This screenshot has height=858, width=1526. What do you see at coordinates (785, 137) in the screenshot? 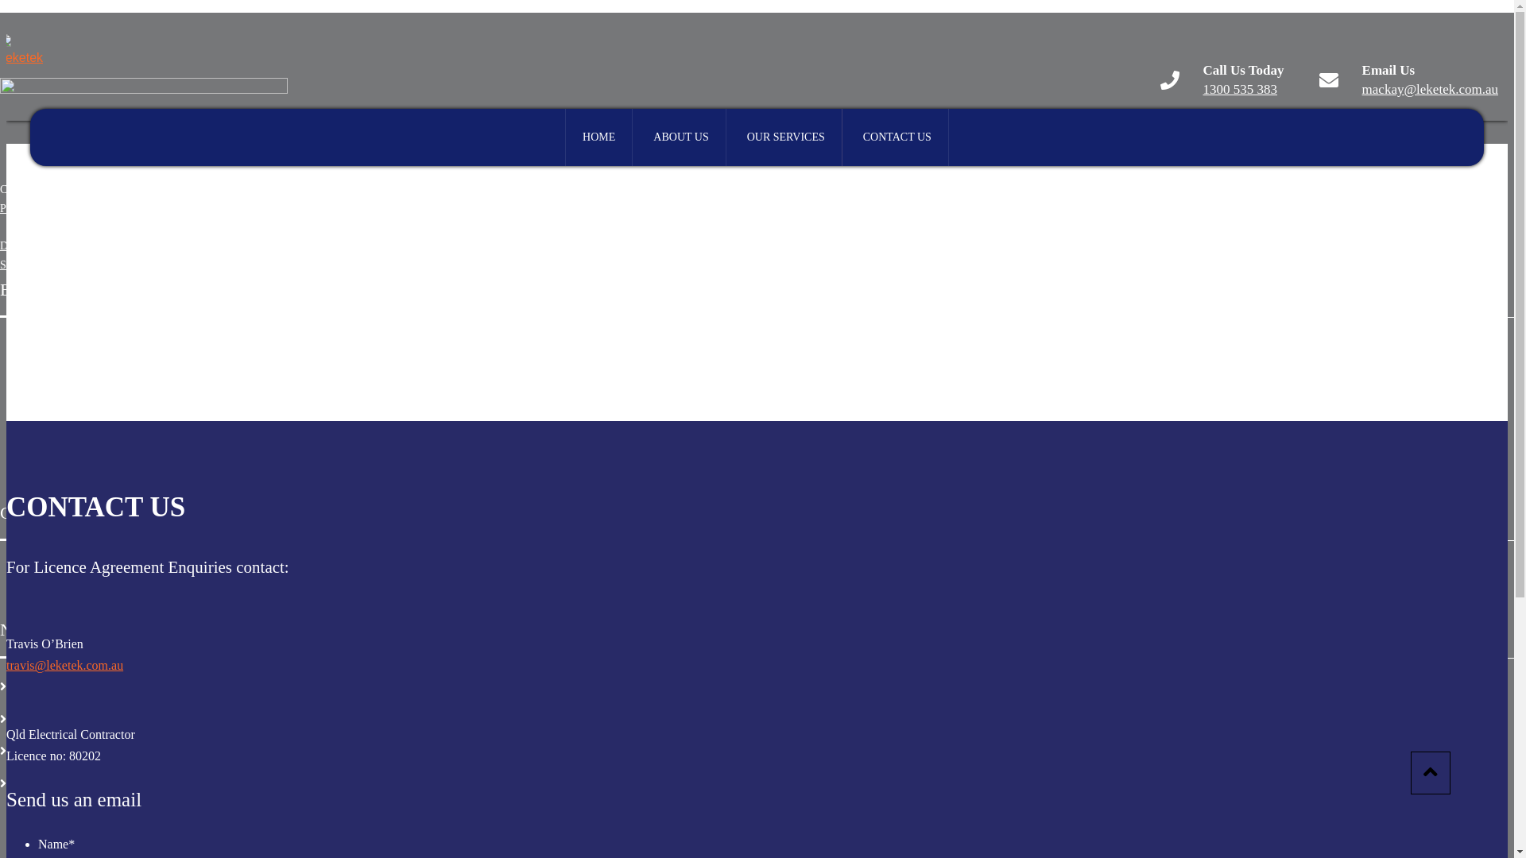
I see `'OUR SERVICES'` at bounding box center [785, 137].